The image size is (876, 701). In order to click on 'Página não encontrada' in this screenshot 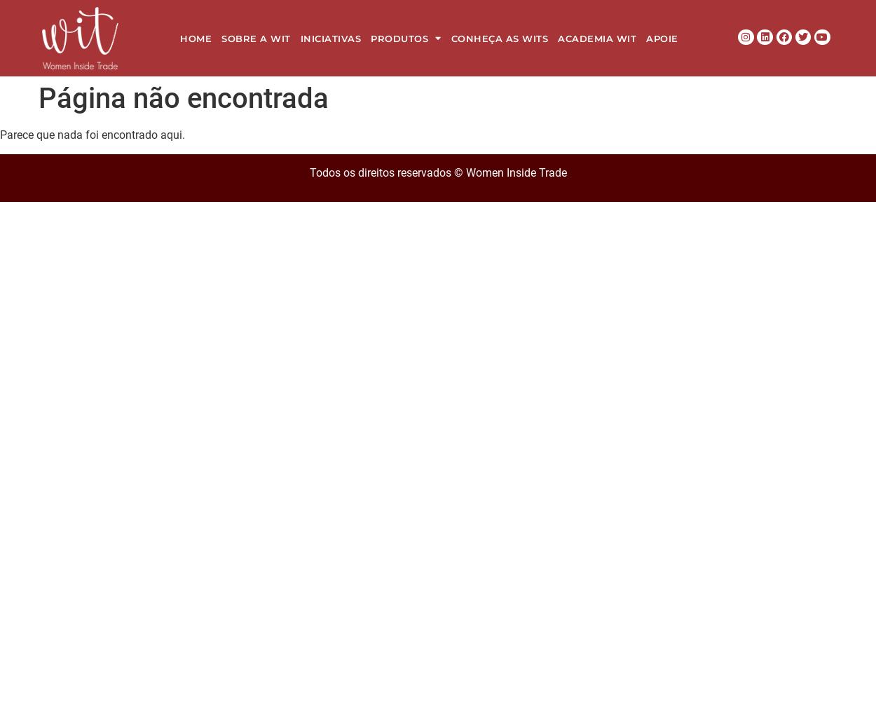, I will do `click(184, 98)`.